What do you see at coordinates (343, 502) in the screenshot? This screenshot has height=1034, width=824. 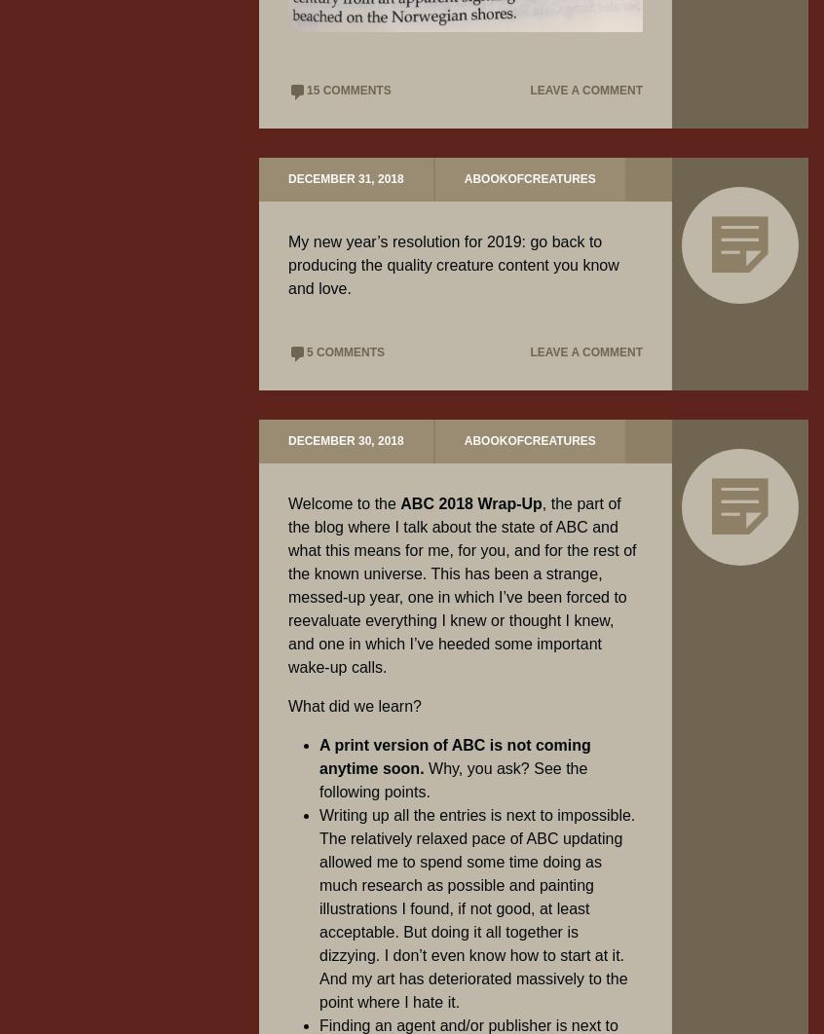 I see `'Welcome to the'` at bounding box center [343, 502].